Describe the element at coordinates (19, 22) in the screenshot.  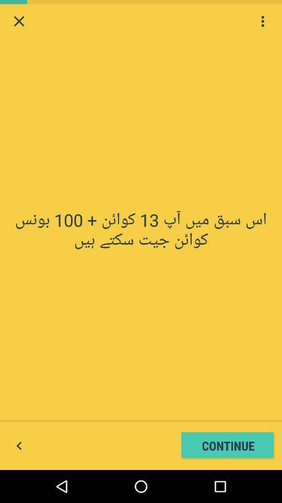
I see `the close icon` at that location.